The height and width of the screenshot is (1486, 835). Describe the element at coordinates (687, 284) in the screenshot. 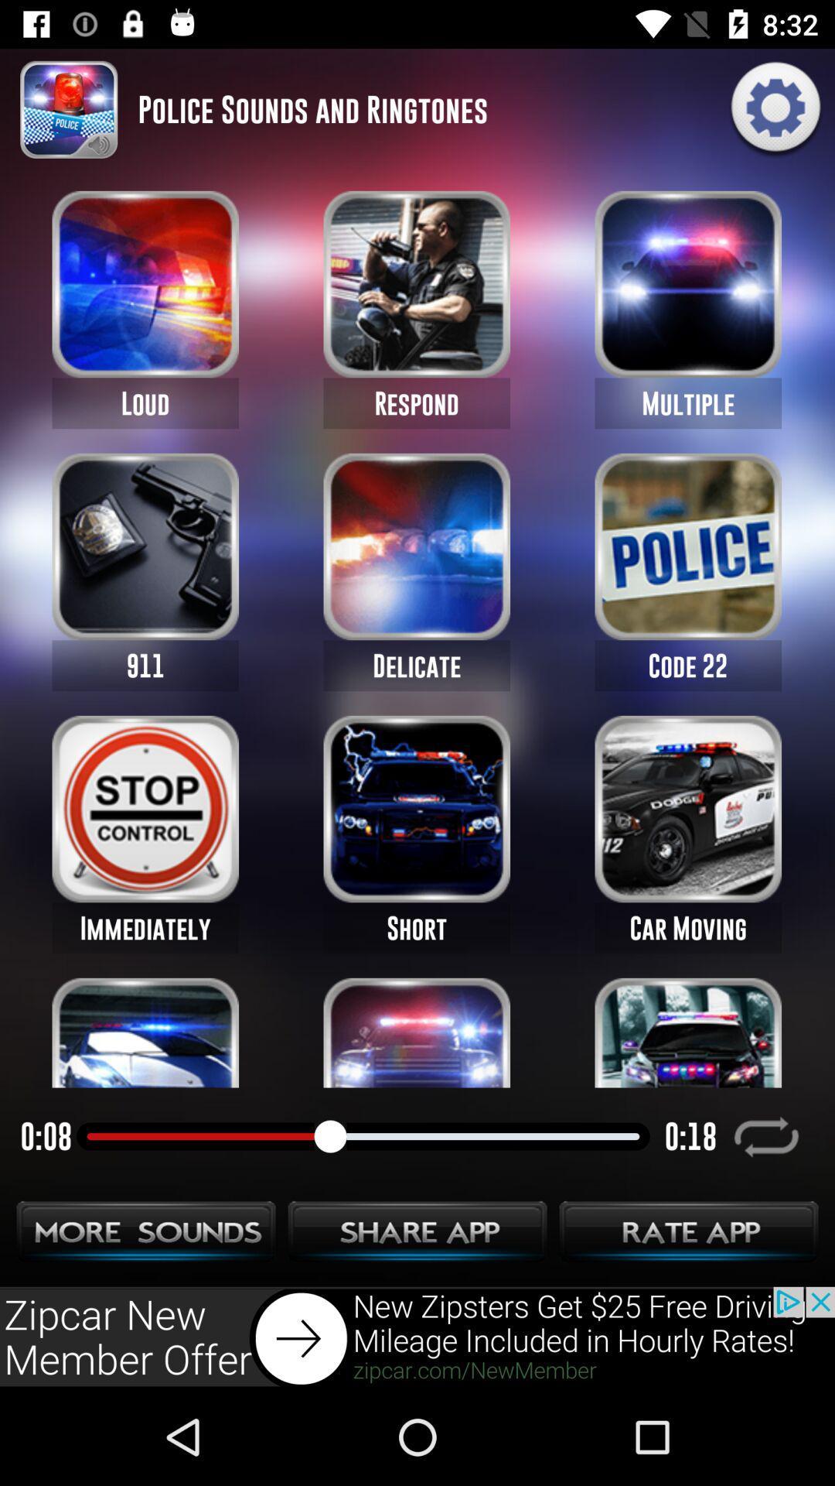

I see `the image below the settings button on the web page` at that location.